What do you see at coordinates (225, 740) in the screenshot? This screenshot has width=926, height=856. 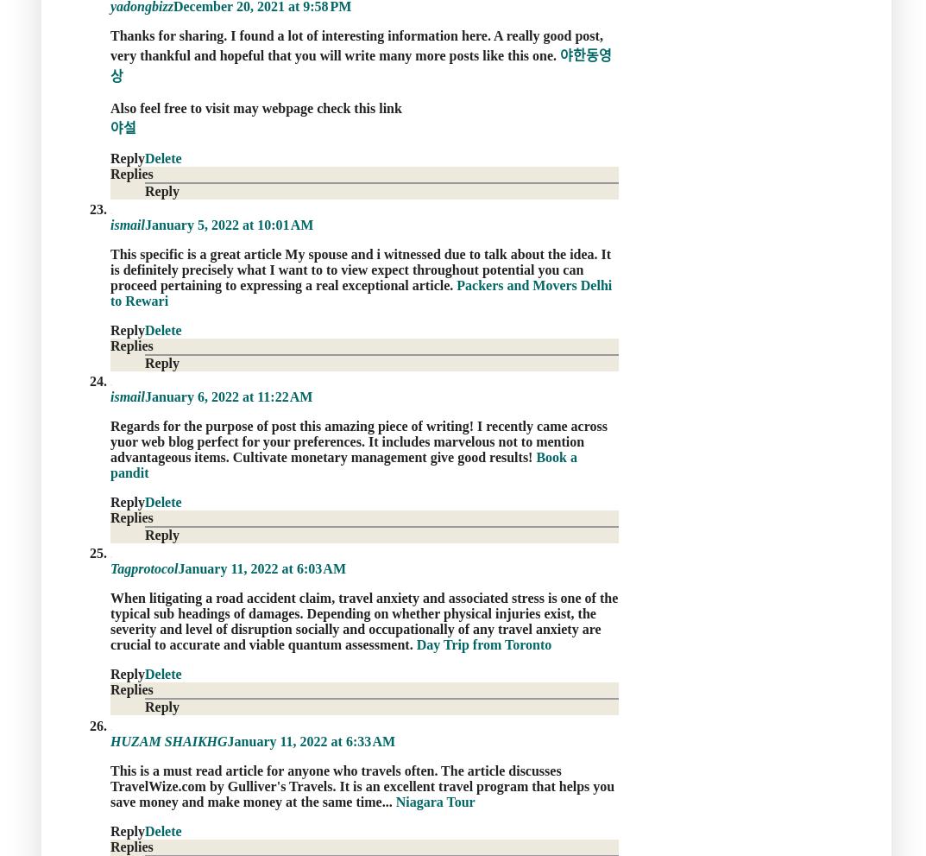 I see `'January 11, 2022 at 6:33 AM'` at bounding box center [225, 740].